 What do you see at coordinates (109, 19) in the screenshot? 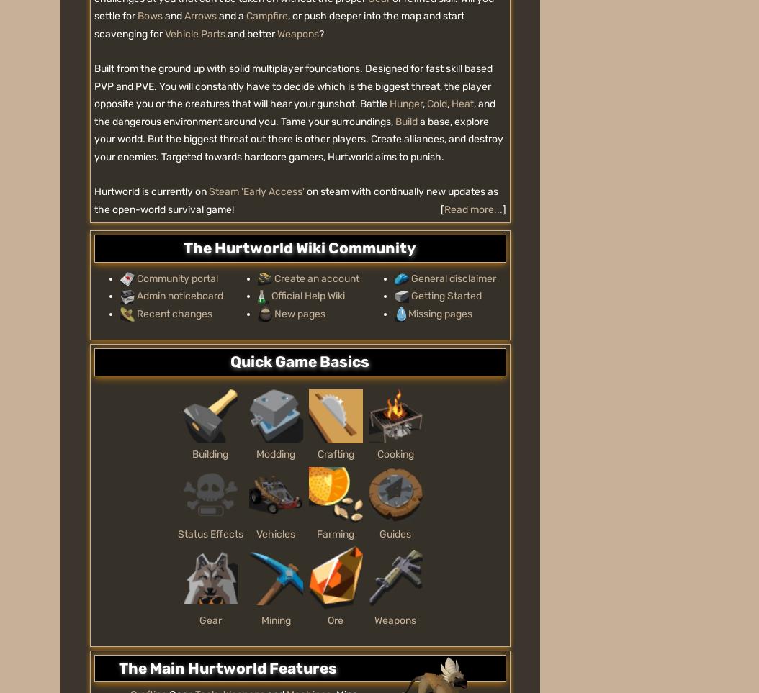
I see `'Explore properties'` at bounding box center [109, 19].